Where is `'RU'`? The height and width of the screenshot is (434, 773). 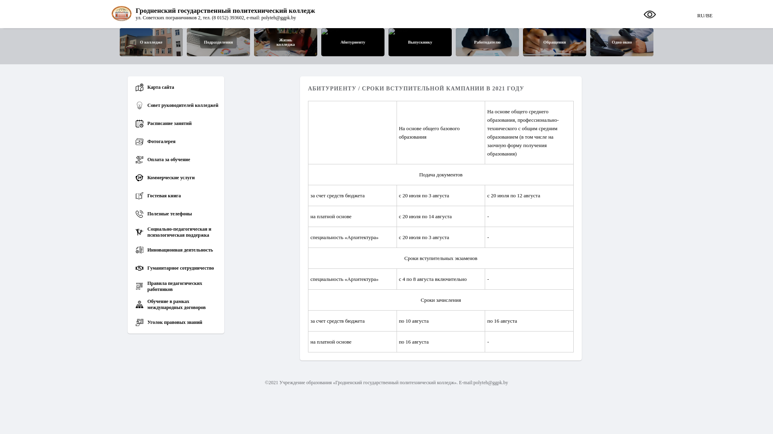
'RU' is located at coordinates (701, 14).